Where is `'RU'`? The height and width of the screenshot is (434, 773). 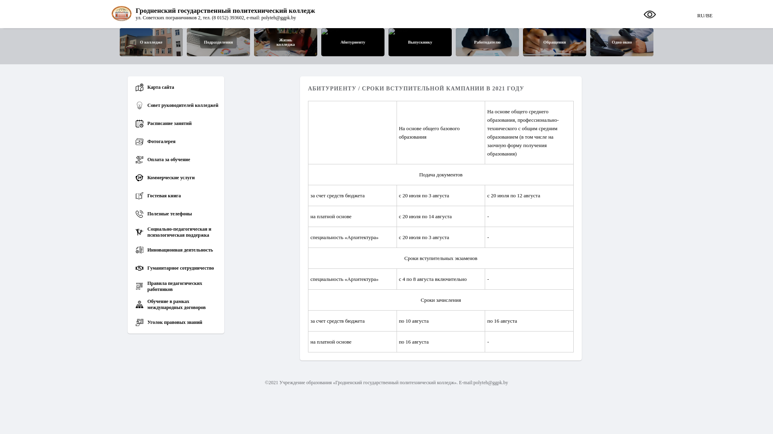
'RU' is located at coordinates (701, 14).